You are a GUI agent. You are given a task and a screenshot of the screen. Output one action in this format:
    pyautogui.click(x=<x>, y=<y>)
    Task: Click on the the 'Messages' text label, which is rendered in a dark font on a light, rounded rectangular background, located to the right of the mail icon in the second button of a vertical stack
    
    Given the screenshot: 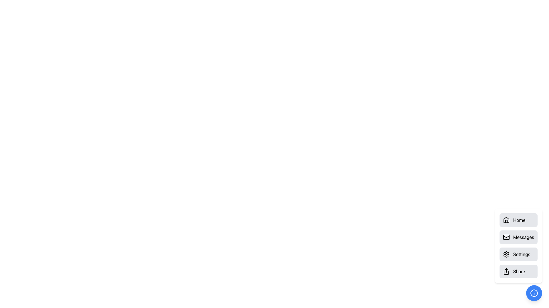 What is the action you would take?
    pyautogui.click(x=524, y=237)
    